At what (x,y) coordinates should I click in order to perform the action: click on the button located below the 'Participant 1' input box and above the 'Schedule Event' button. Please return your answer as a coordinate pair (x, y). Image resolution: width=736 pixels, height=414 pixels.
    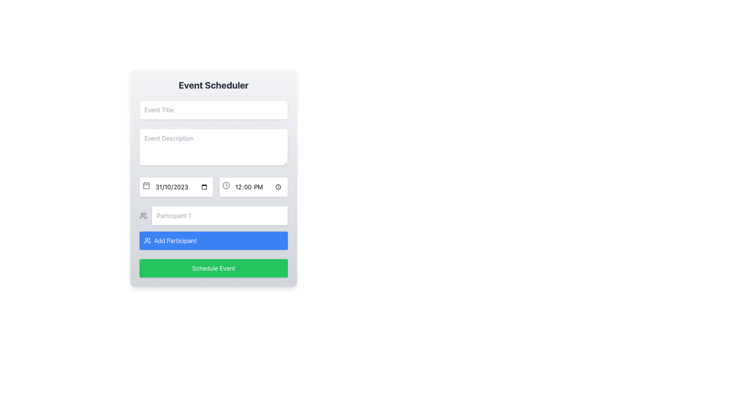
    Looking at the image, I should click on (175, 240).